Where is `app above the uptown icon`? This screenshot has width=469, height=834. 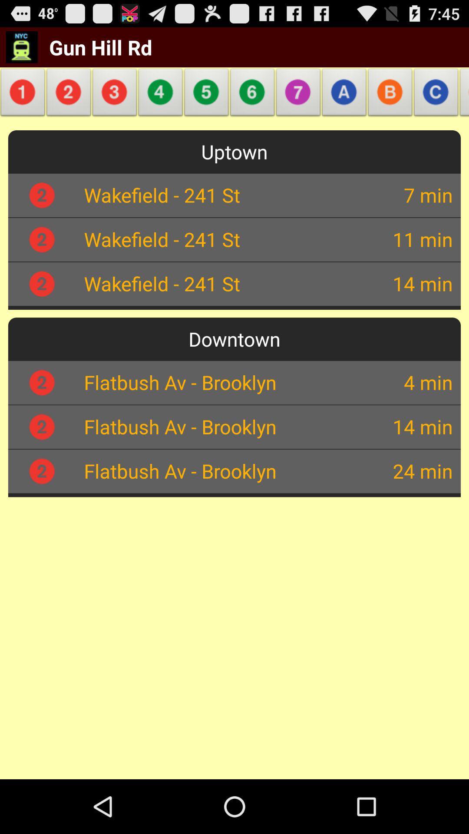 app above the uptown icon is located at coordinates (24, 95).